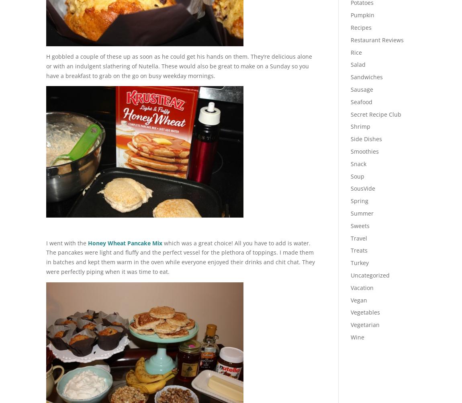  Describe the element at coordinates (365, 312) in the screenshot. I see `'Vegetables'` at that location.